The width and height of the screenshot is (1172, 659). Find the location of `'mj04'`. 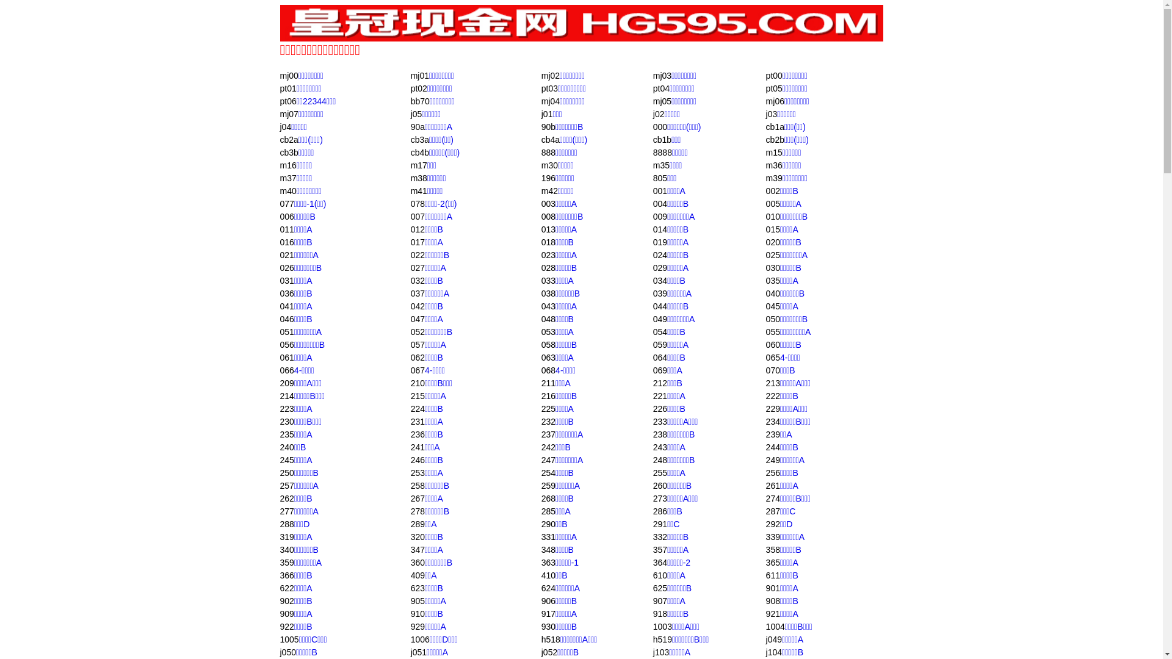

'mj04' is located at coordinates (550, 100).